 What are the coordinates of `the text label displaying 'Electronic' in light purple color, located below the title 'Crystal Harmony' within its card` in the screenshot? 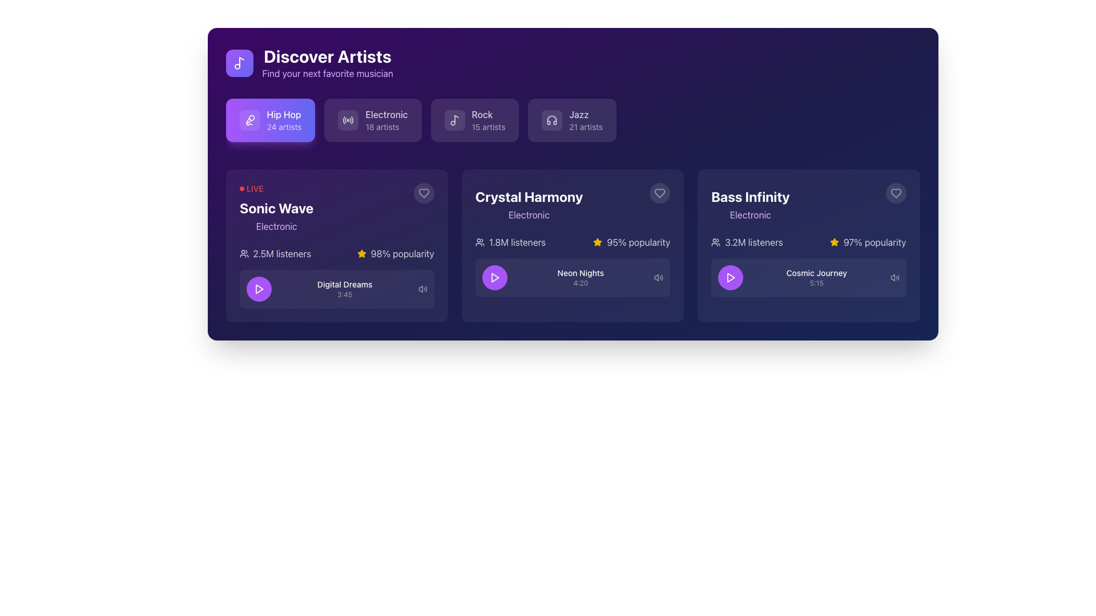 It's located at (528, 215).